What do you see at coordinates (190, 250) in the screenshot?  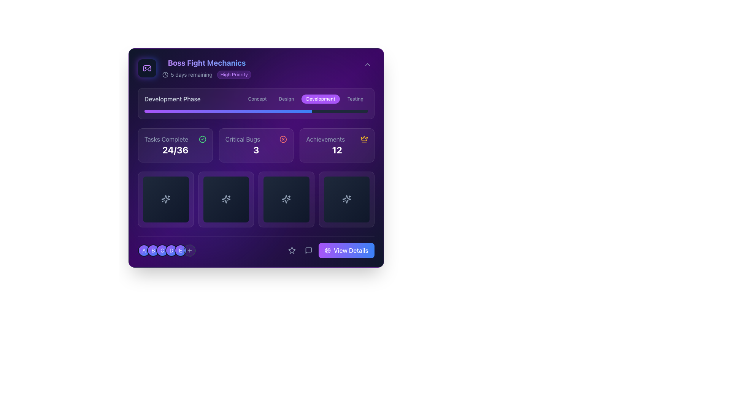 I see `the Icon button with a '+' symbol located at the bottom left corner of the panel` at bounding box center [190, 250].